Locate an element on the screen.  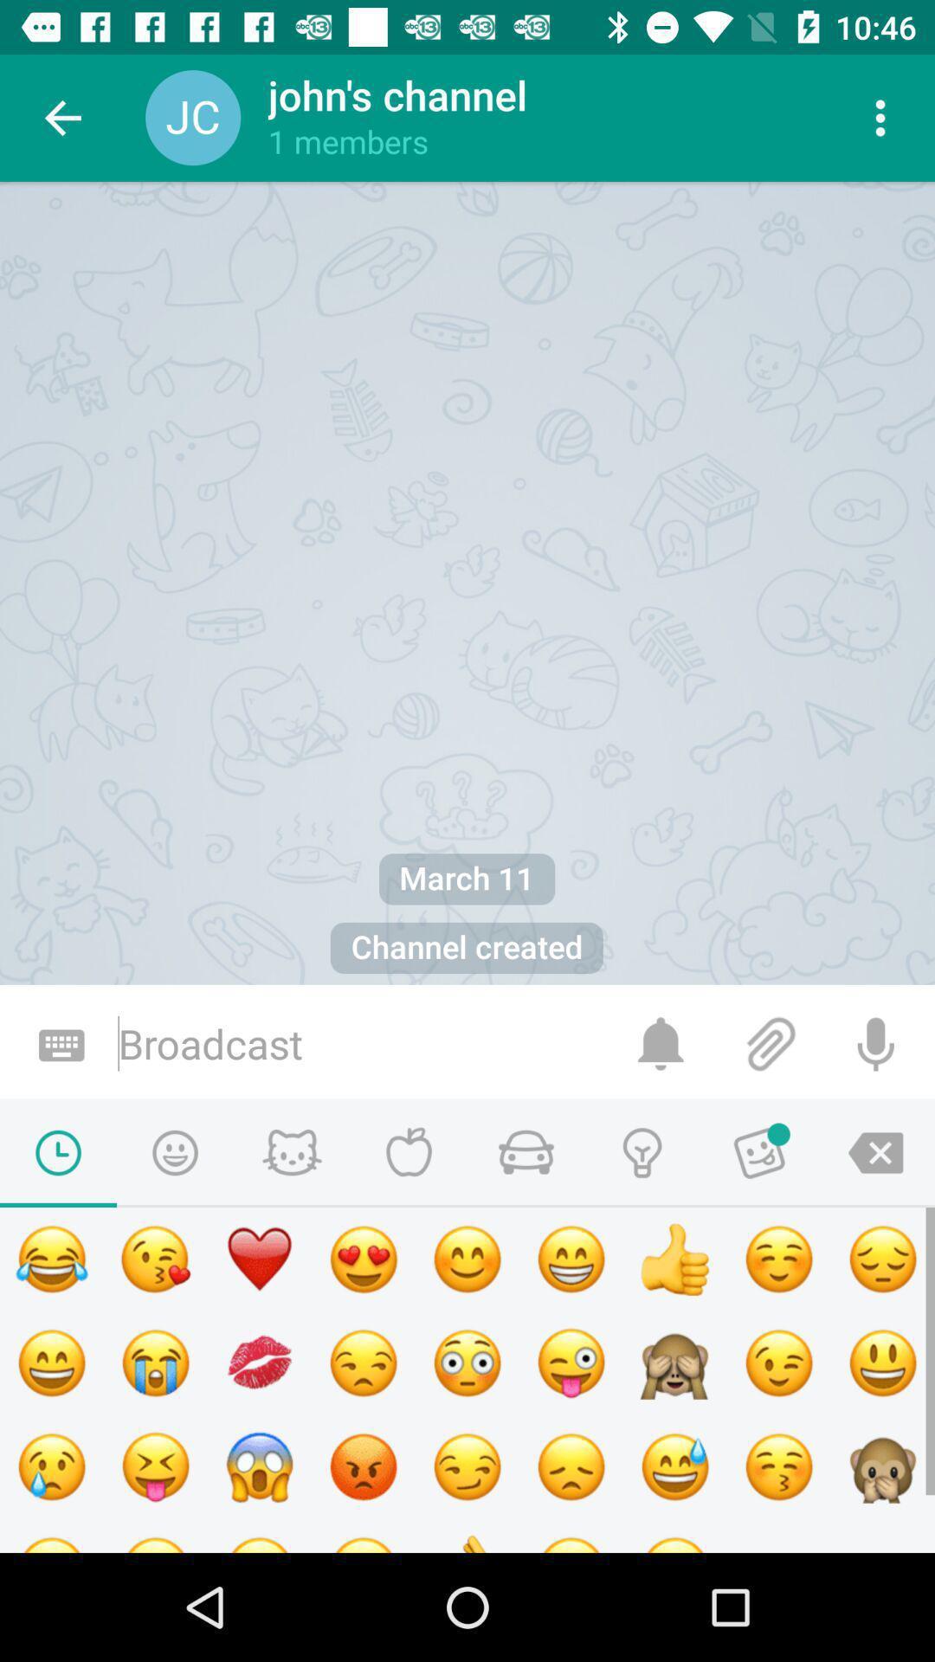
the emoji icon is located at coordinates (467, 1362).